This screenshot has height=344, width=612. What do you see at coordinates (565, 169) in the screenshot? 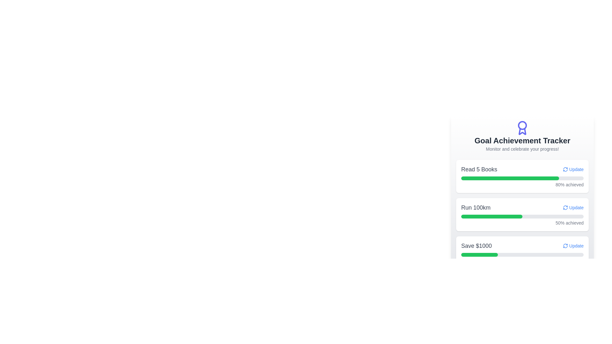
I see `the update icon located to the immediate right of the 'Update' text in the first achievement entry titled 'Read 5 Books' to initiate the update action` at bounding box center [565, 169].